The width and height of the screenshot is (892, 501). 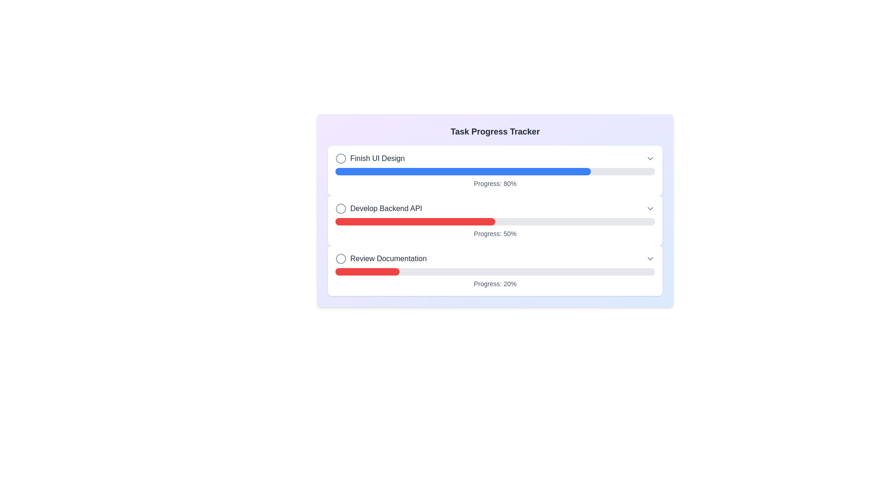 I want to click on the Progress Bar Segment that visually represents 80% completion of the task labeled 'Finish UI Design', so click(x=463, y=172).